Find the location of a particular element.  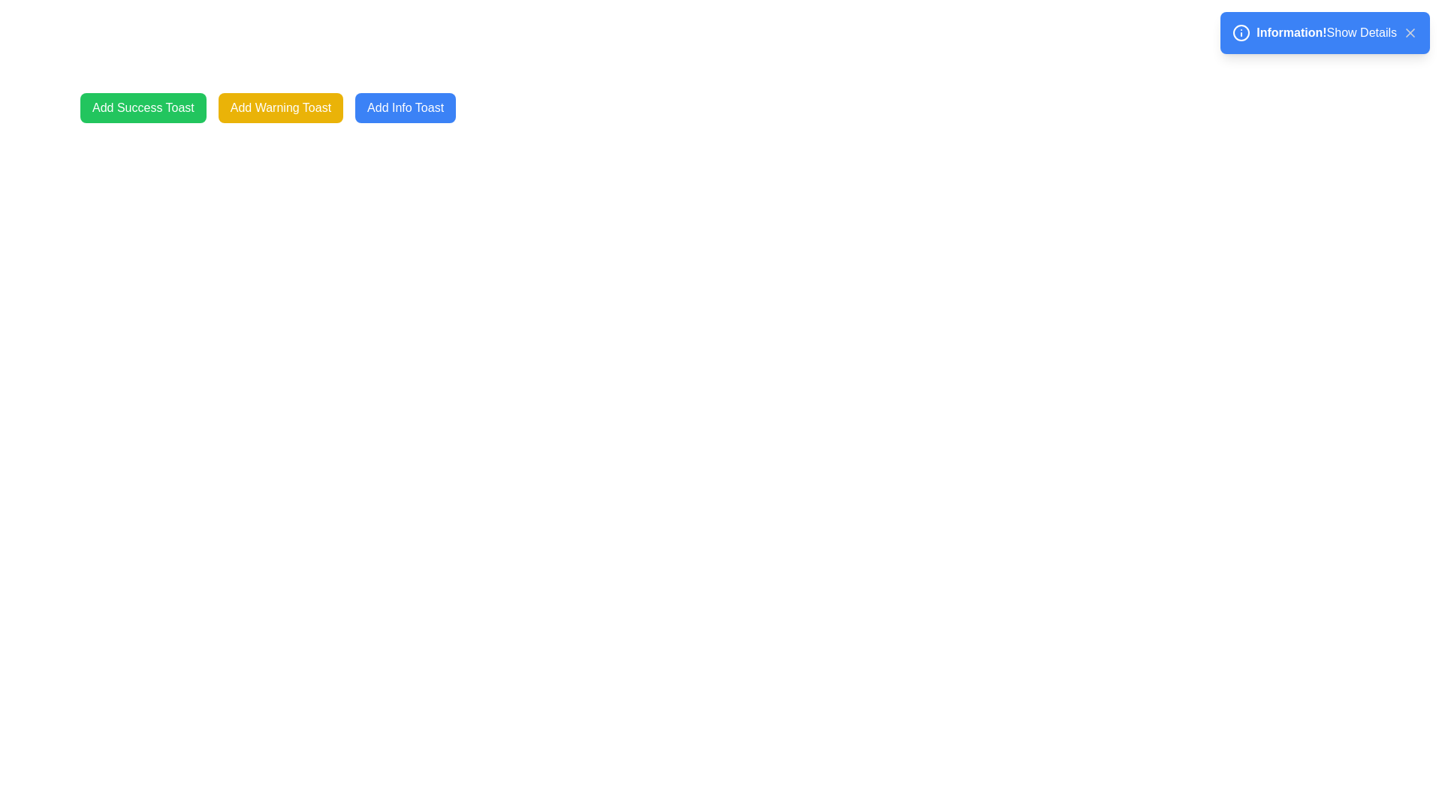

the 'X' button on the blue notification bar is located at coordinates (1409, 32).